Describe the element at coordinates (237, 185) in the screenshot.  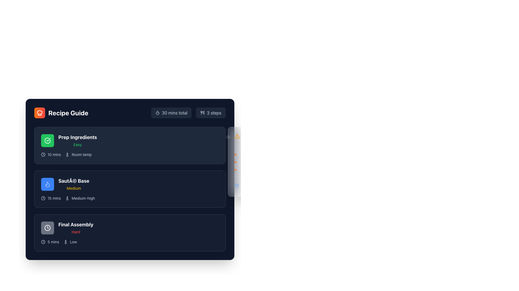
I see `the blue outlined circle icon that is part of the help or information symbol for additional information` at that location.